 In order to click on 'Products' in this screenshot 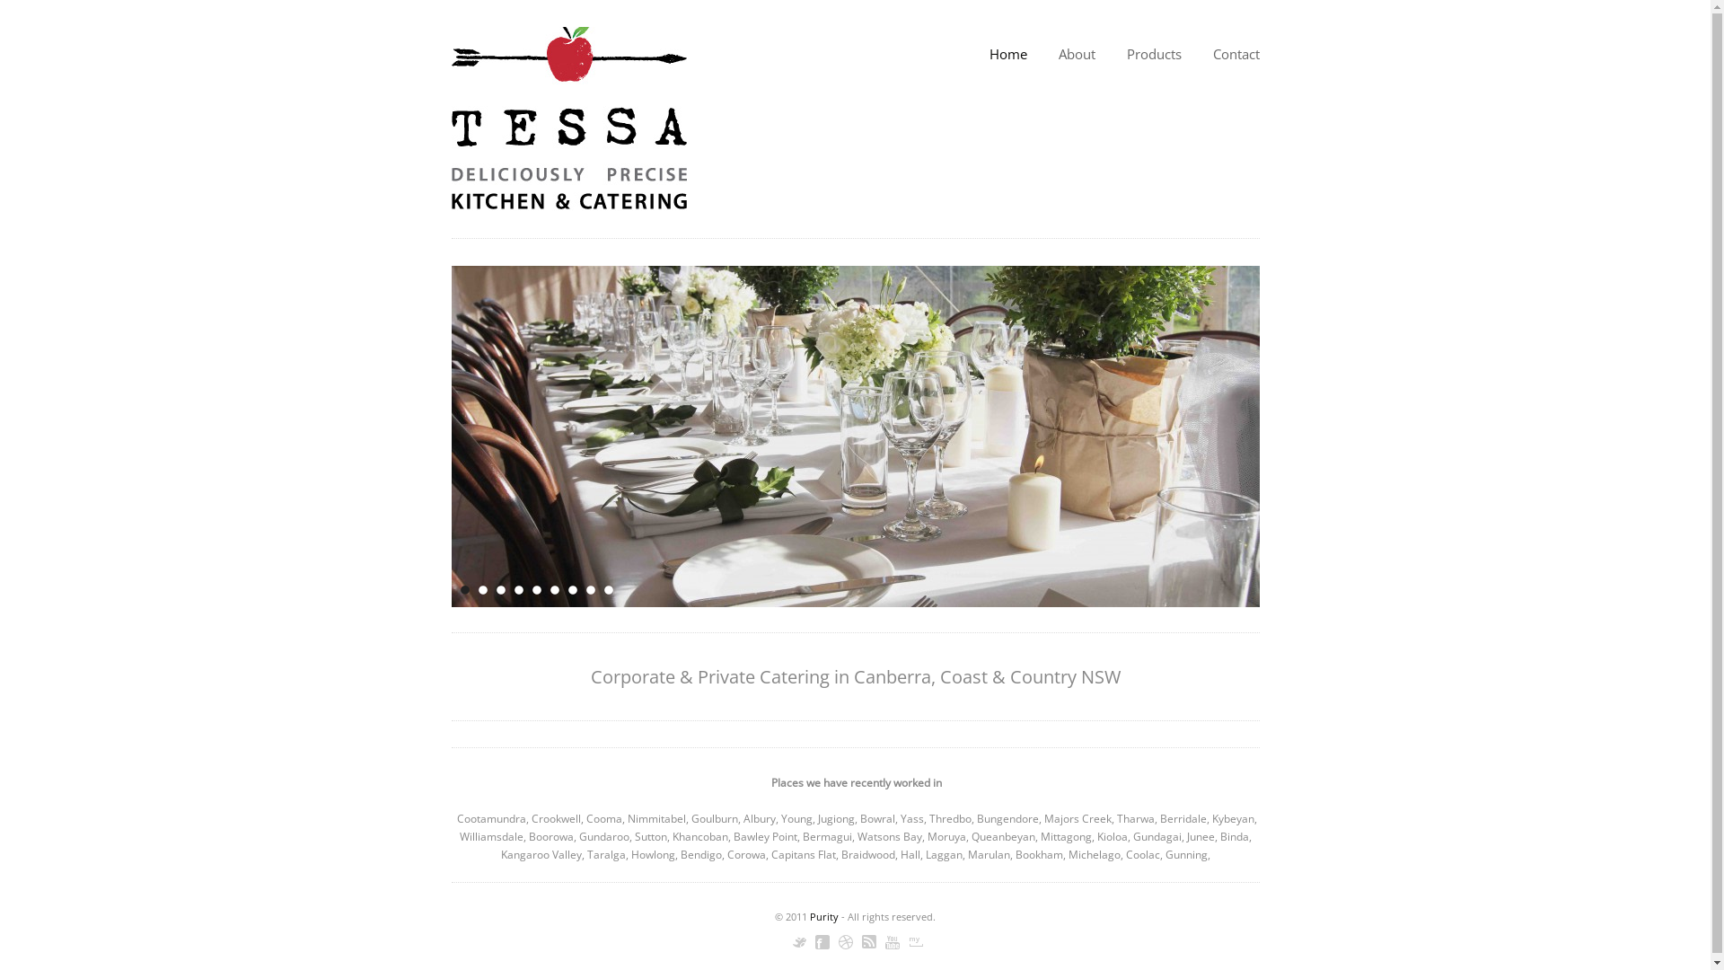, I will do `click(1153, 53)`.